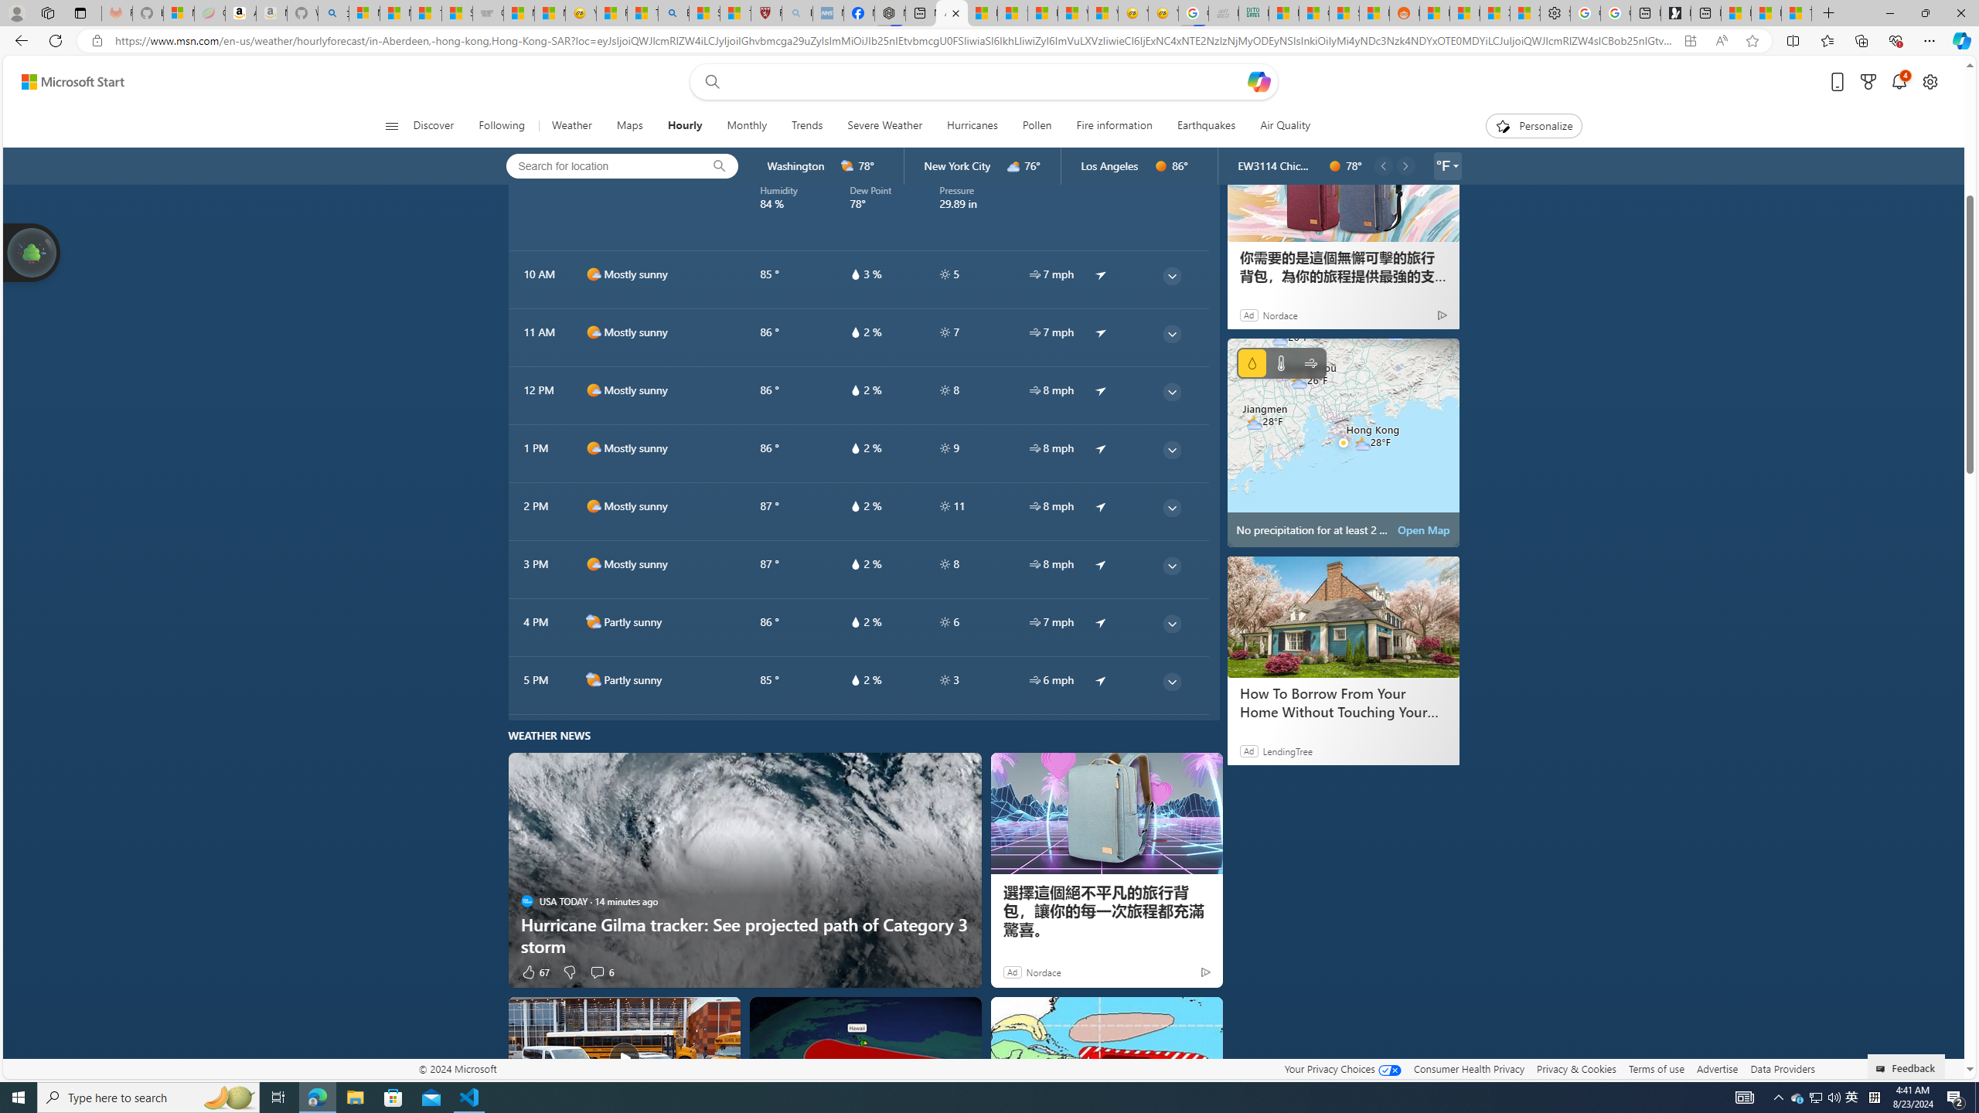  What do you see at coordinates (1343, 442) in the screenshot?
I see `'No precipitation for at least 2 hours'` at bounding box center [1343, 442].